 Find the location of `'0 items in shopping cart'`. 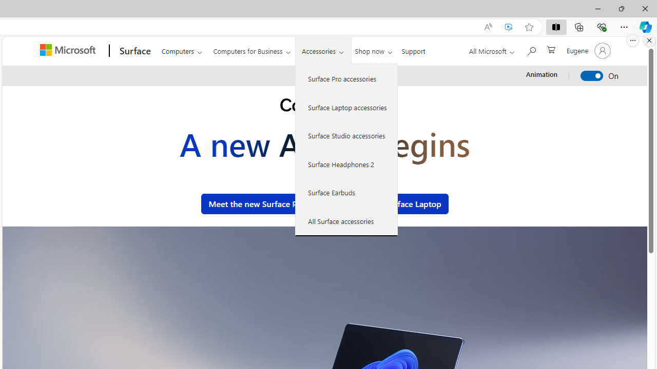

'0 items in shopping cart' is located at coordinates (550, 49).